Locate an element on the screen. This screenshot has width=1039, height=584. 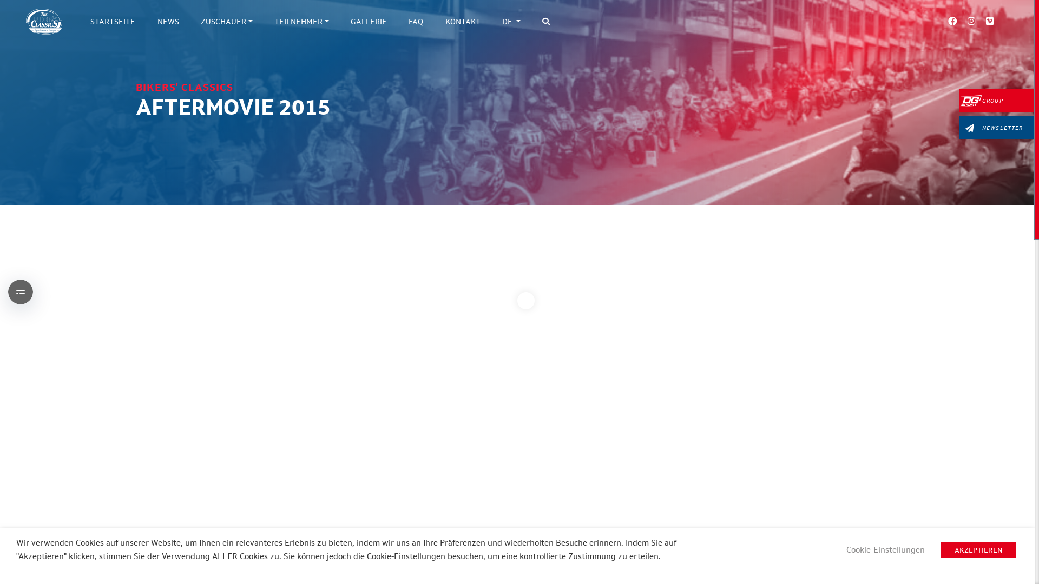
'TEILNEHMER' is located at coordinates (301, 21).